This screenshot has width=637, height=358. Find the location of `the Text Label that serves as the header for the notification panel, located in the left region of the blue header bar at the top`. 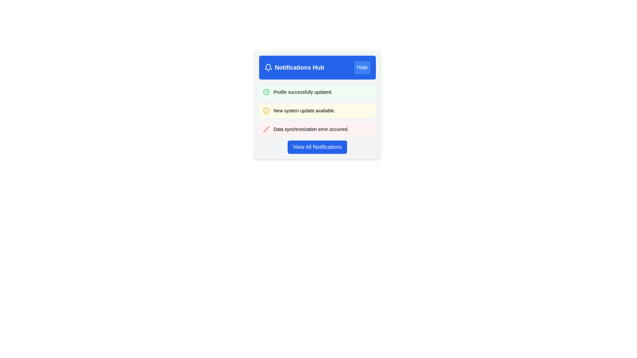

the Text Label that serves as the header for the notification panel, located in the left region of the blue header bar at the top is located at coordinates (294, 68).